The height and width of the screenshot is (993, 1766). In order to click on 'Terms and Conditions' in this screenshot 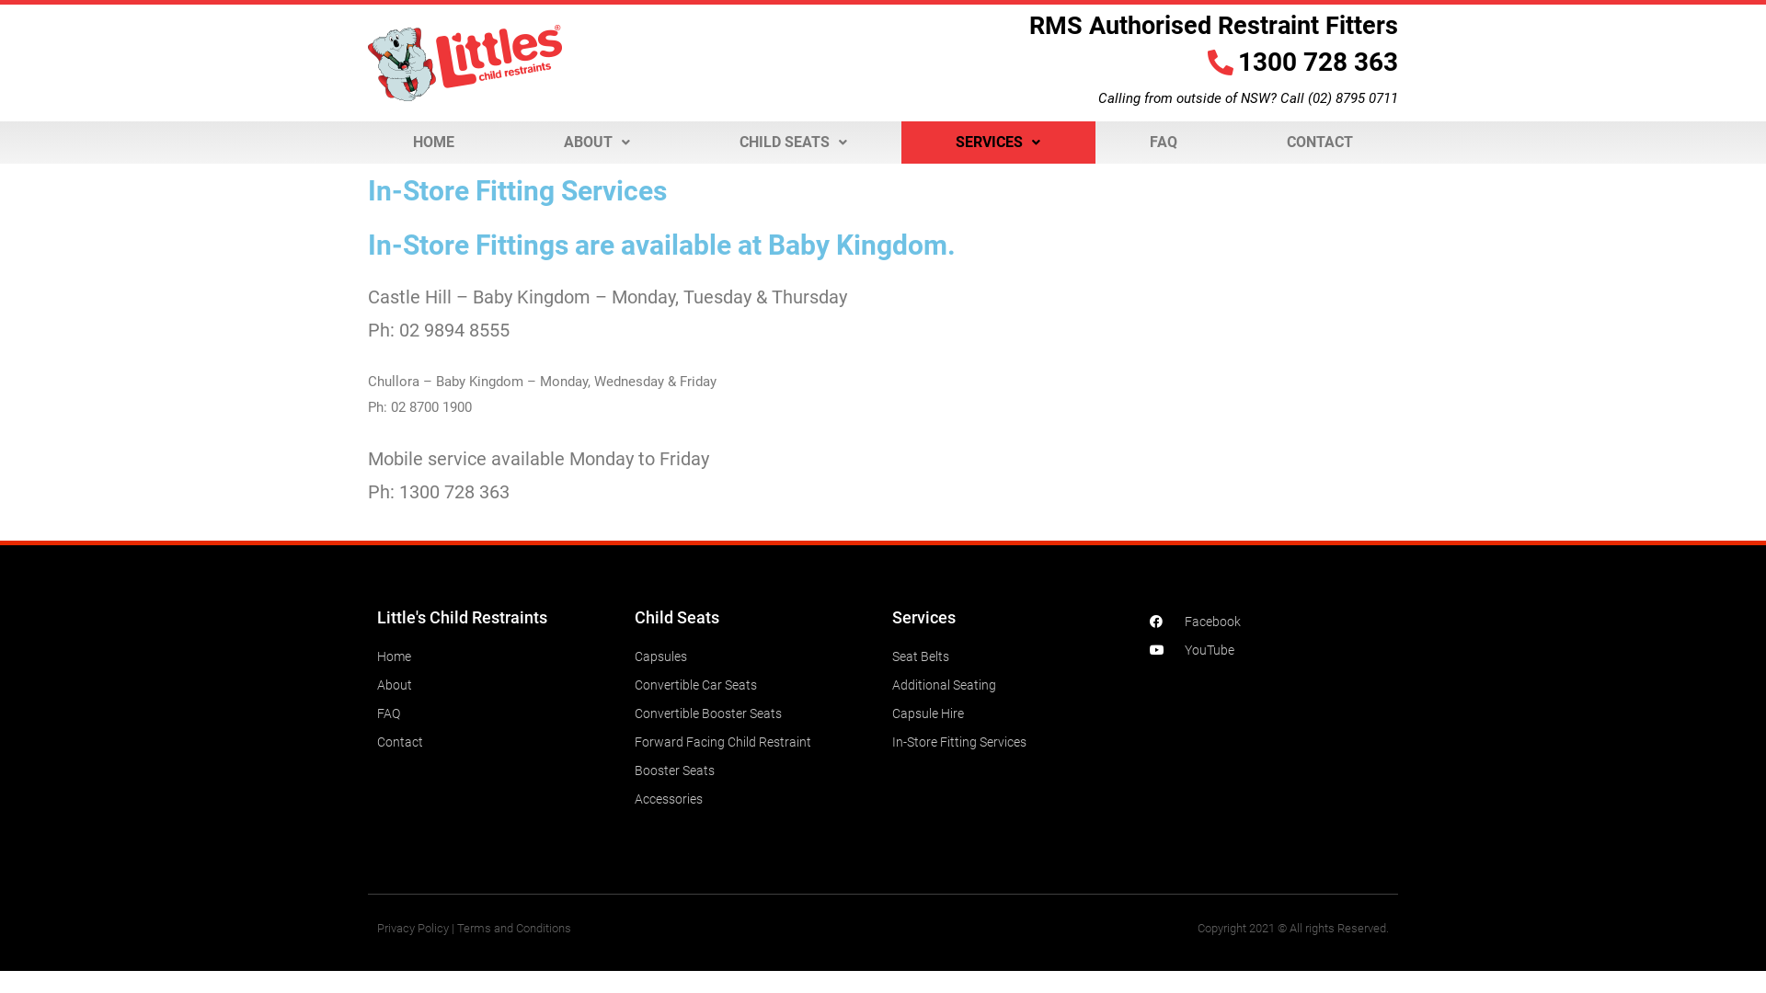, I will do `click(513, 928)`.